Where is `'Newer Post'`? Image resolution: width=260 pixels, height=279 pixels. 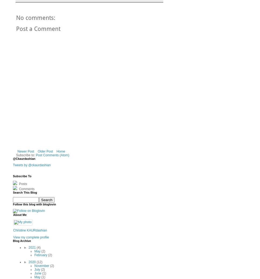 'Newer Post' is located at coordinates (26, 151).